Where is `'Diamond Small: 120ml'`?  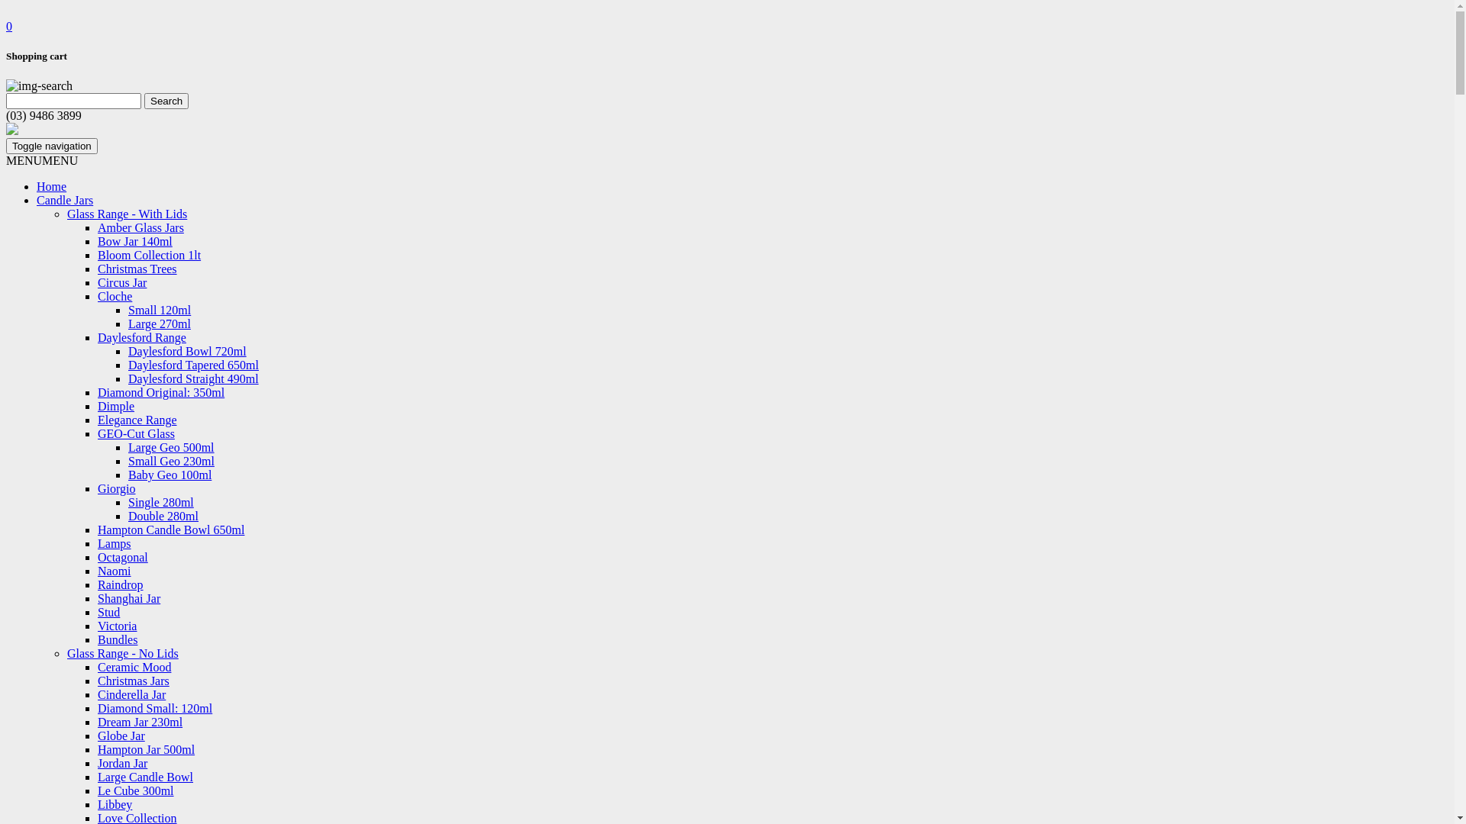
'Diamond Small: 120ml' is located at coordinates (97, 708).